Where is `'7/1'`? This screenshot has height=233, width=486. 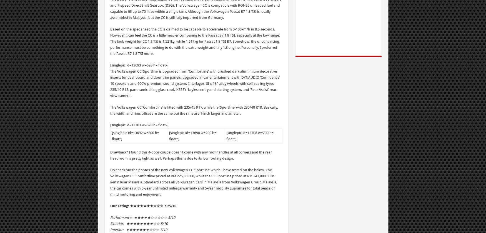 '7/1' is located at coordinates (162, 229).